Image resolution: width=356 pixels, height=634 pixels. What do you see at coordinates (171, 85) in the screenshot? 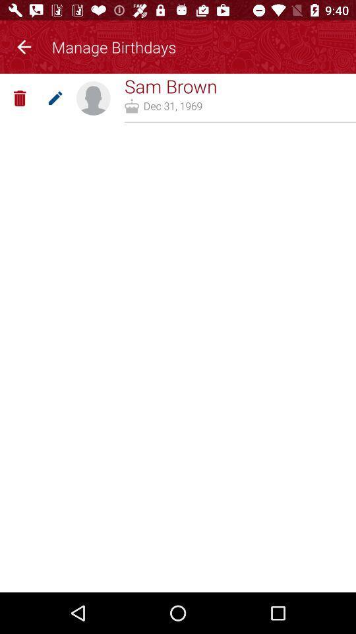
I see `the icon below manage birthdays item` at bounding box center [171, 85].